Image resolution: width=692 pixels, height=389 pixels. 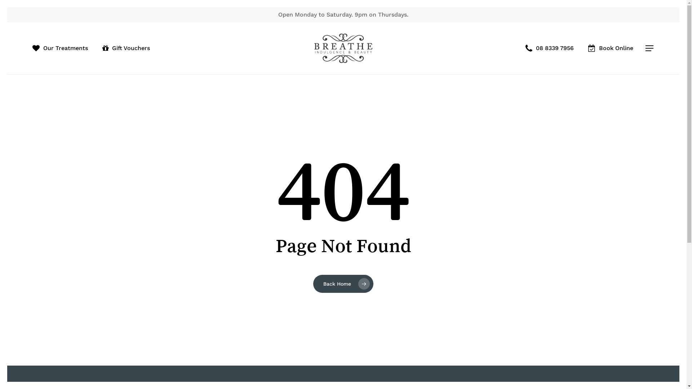 What do you see at coordinates (650, 48) in the screenshot?
I see `'Menu'` at bounding box center [650, 48].